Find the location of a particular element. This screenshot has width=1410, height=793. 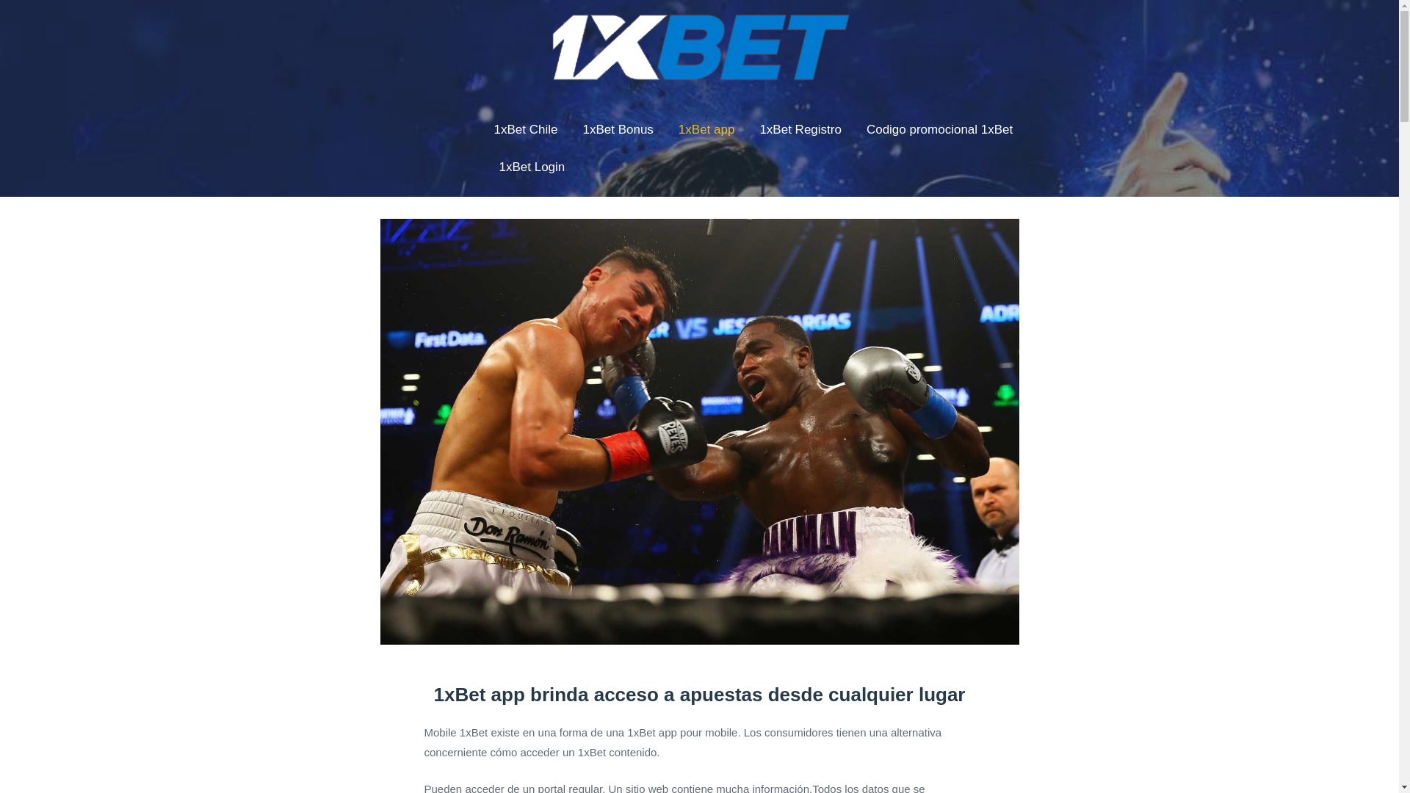

'1xBet Login' is located at coordinates (531, 167).